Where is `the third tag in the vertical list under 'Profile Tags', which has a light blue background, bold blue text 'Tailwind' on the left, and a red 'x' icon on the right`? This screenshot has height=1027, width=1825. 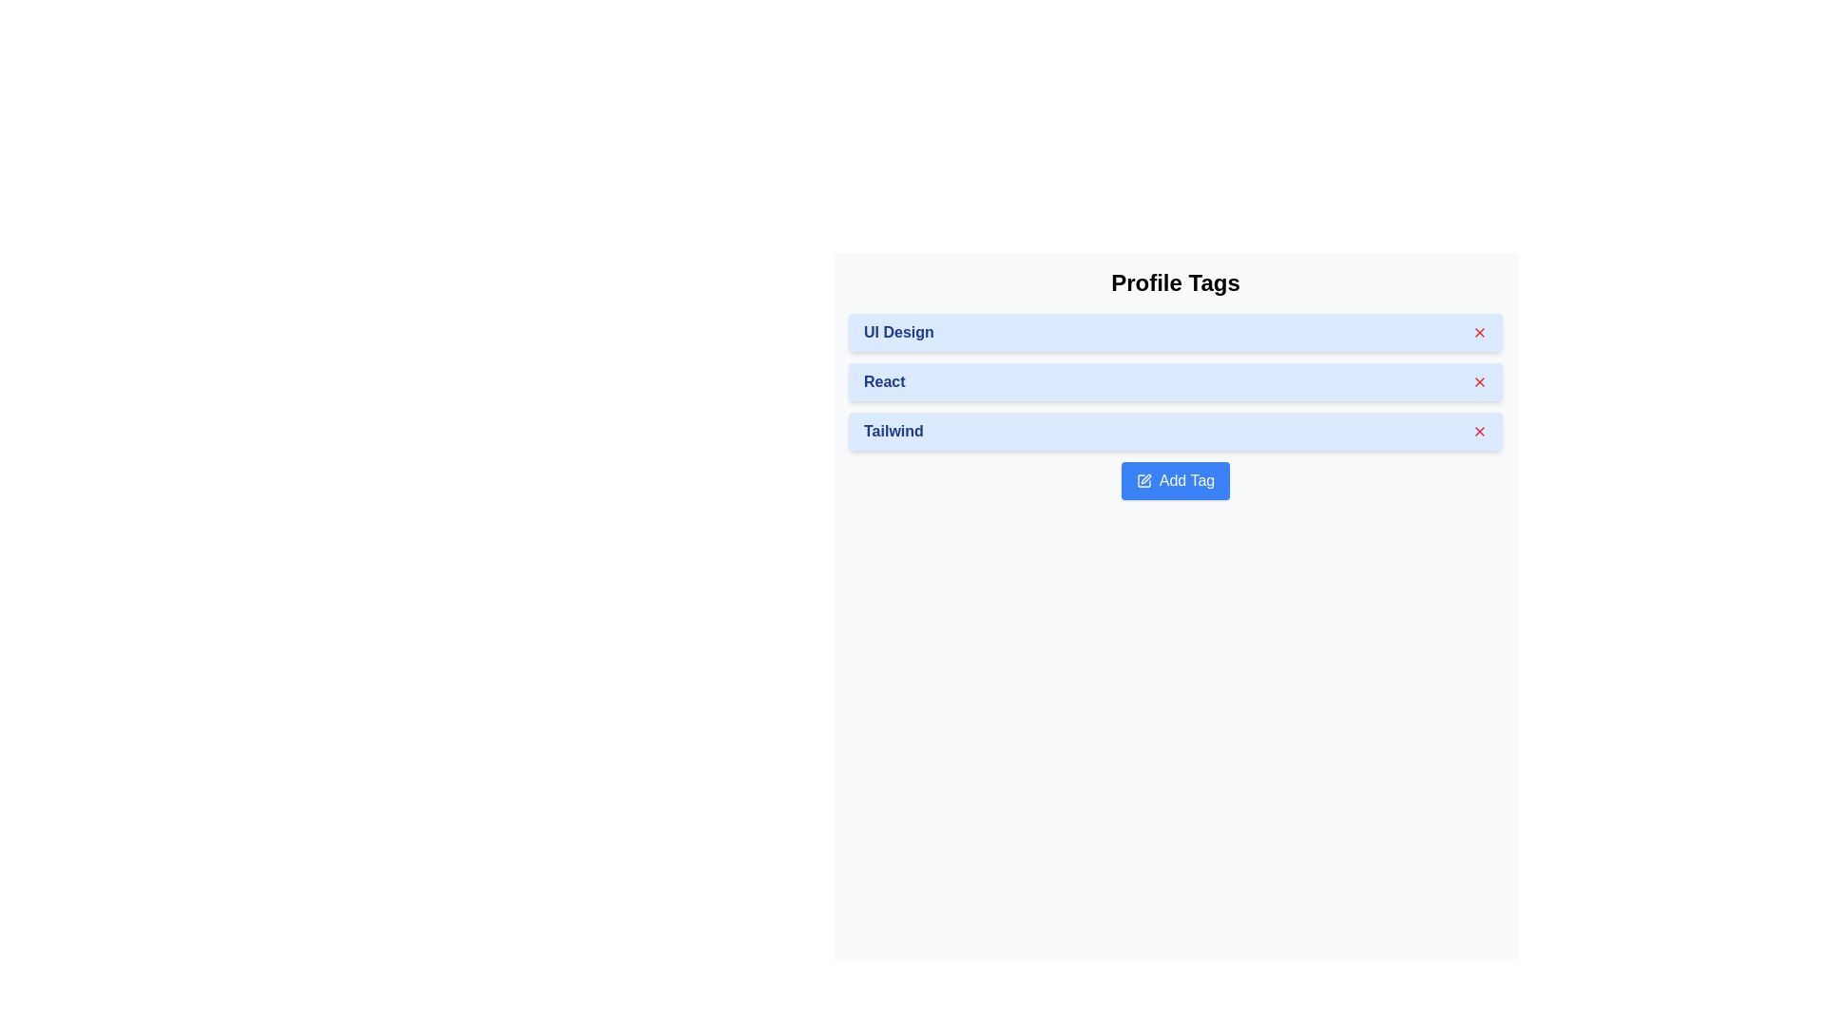
the third tag in the vertical list under 'Profile Tags', which has a light blue background, bold blue text 'Tailwind' on the left, and a red 'x' icon on the right is located at coordinates (1175, 432).